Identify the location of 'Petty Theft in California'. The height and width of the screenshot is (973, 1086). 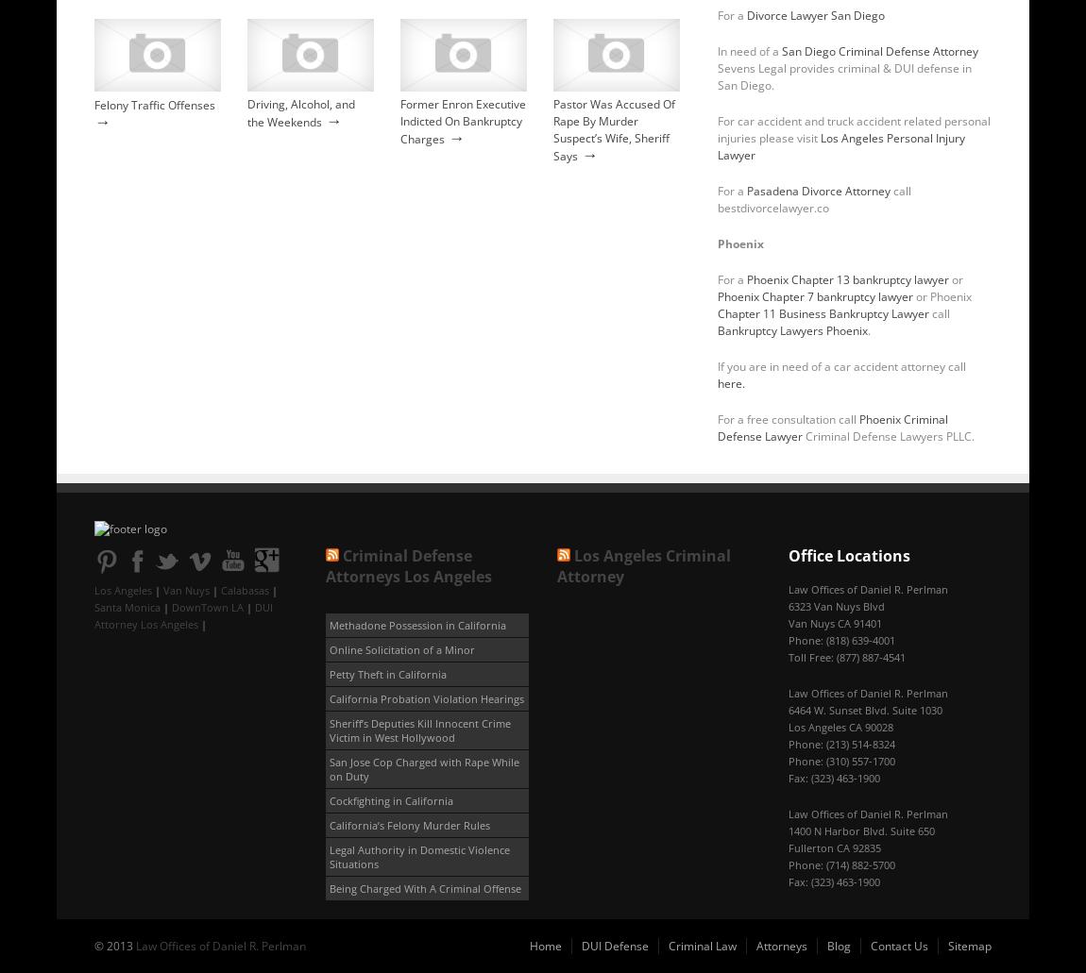
(388, 674).